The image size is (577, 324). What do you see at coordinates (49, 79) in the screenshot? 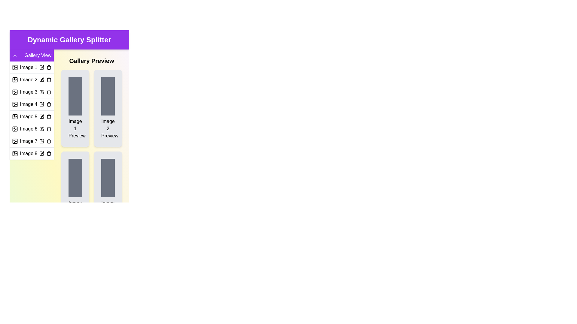
I see `the delete icon button located in the second row of the list under 'Gallery View,' adjacent to 'Image 2,'` at bounding box center [49, 79].